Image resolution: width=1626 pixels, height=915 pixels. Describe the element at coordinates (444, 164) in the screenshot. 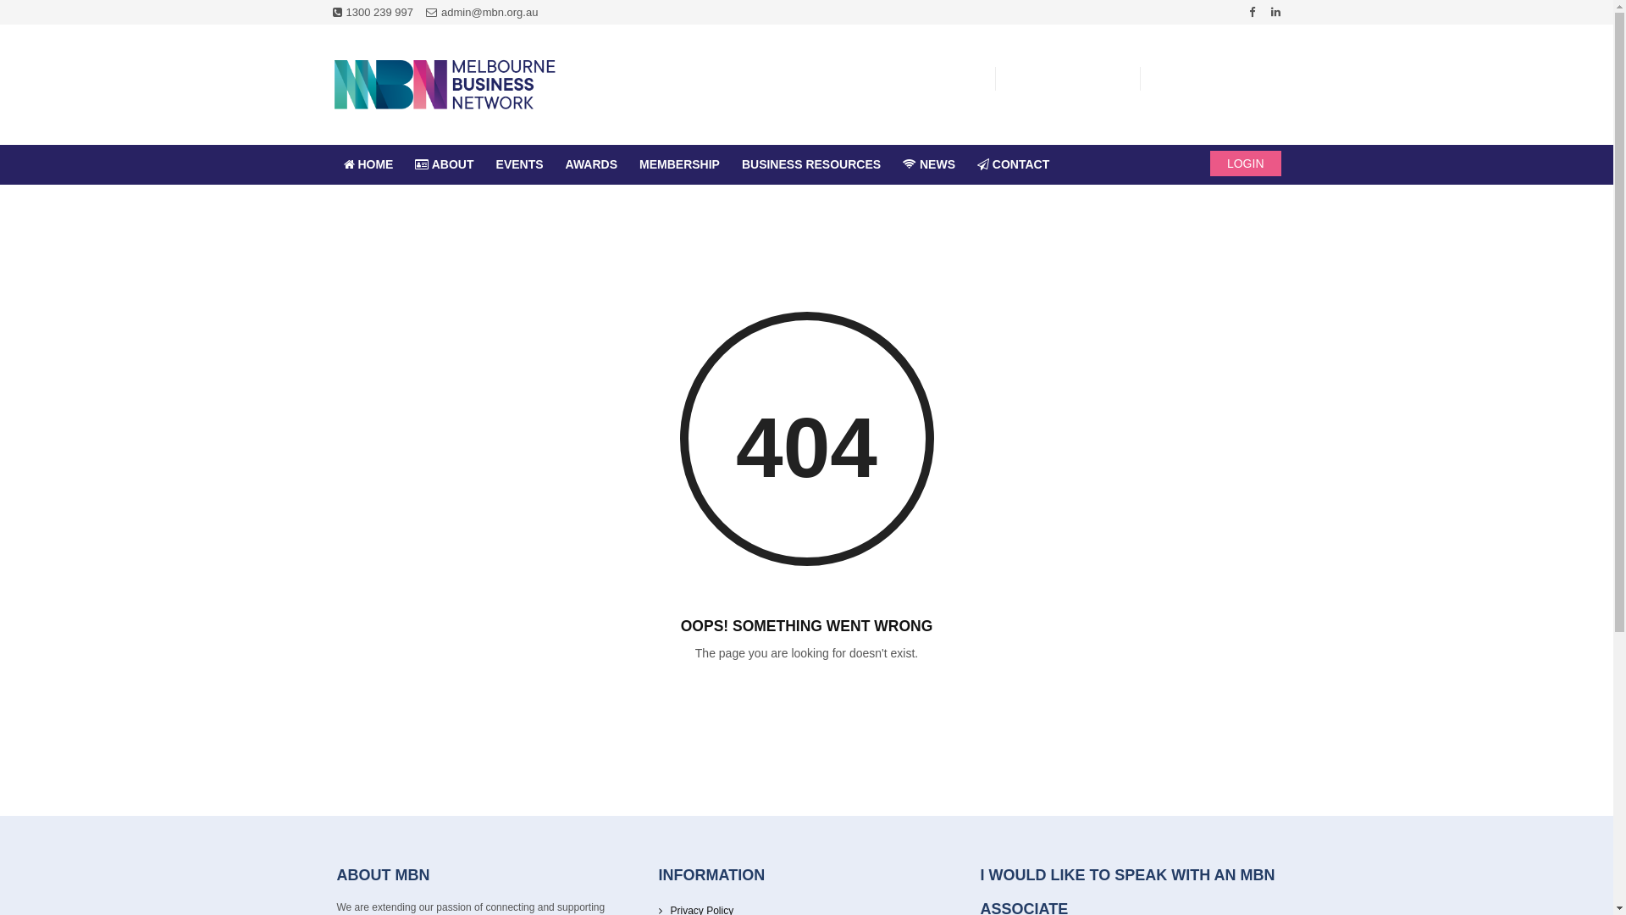

I see `'ABOUT'` at that location.